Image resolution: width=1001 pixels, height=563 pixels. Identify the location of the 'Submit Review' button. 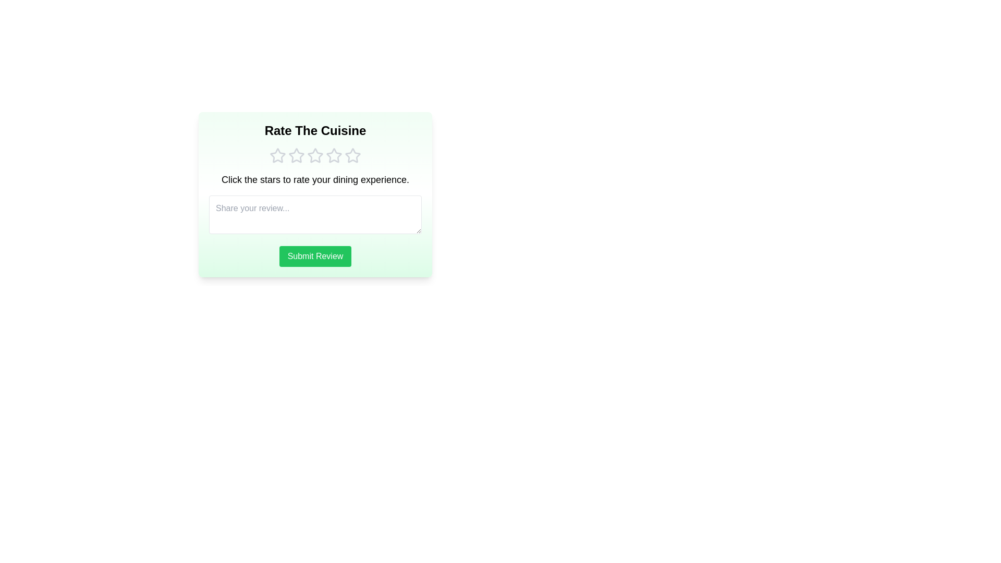
(314, 256).